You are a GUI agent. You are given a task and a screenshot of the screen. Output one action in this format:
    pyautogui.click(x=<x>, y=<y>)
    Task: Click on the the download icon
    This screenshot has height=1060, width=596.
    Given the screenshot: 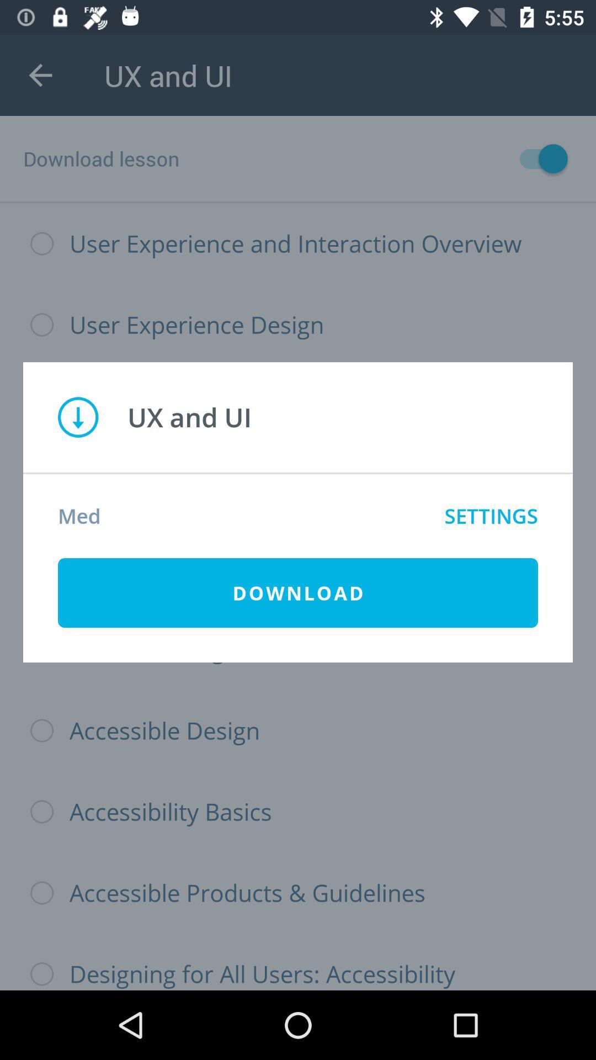 What is the action you would take?
    pyautogui.click(x=298, y=592)
    